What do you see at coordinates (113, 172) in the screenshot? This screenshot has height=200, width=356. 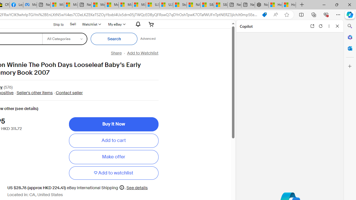 I see `'Add to watchlist'` at bounding box center [113, 172].